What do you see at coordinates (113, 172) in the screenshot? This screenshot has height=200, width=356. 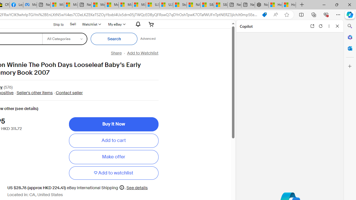 I see `'Add to watchlist'` at bounding box center [113, 172].